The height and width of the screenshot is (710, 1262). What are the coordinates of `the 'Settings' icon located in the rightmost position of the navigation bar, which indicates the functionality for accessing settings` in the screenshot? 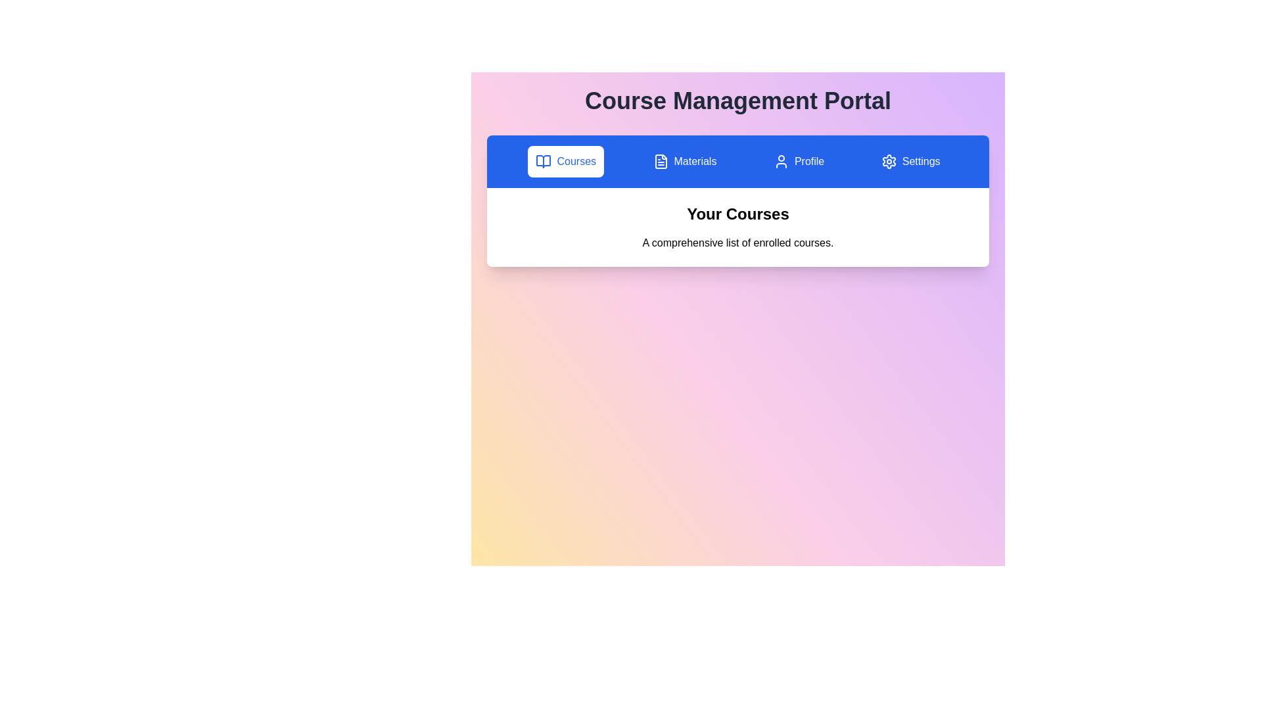 It's located at (889, 161).